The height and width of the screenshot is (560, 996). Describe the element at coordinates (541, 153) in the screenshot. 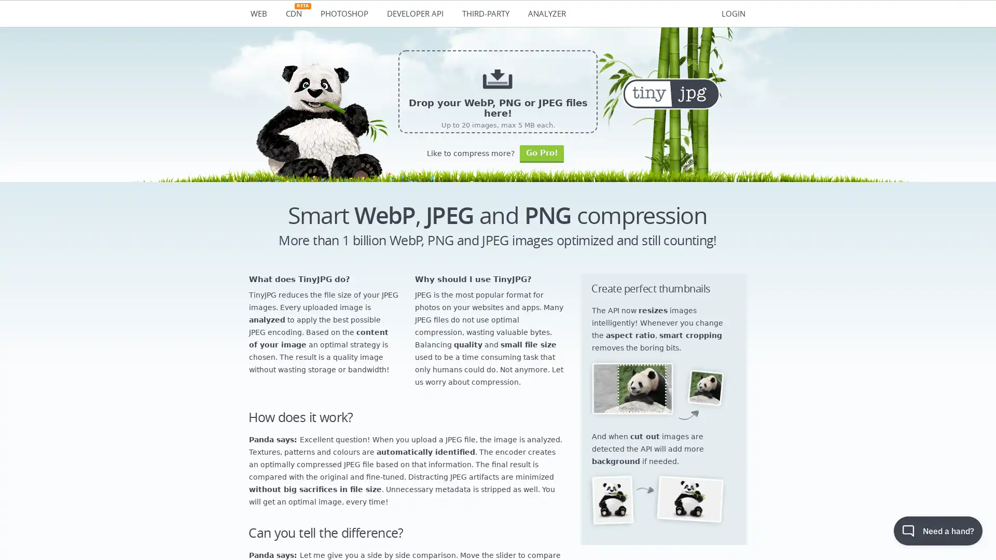

I see `Go Pro!` at that location.